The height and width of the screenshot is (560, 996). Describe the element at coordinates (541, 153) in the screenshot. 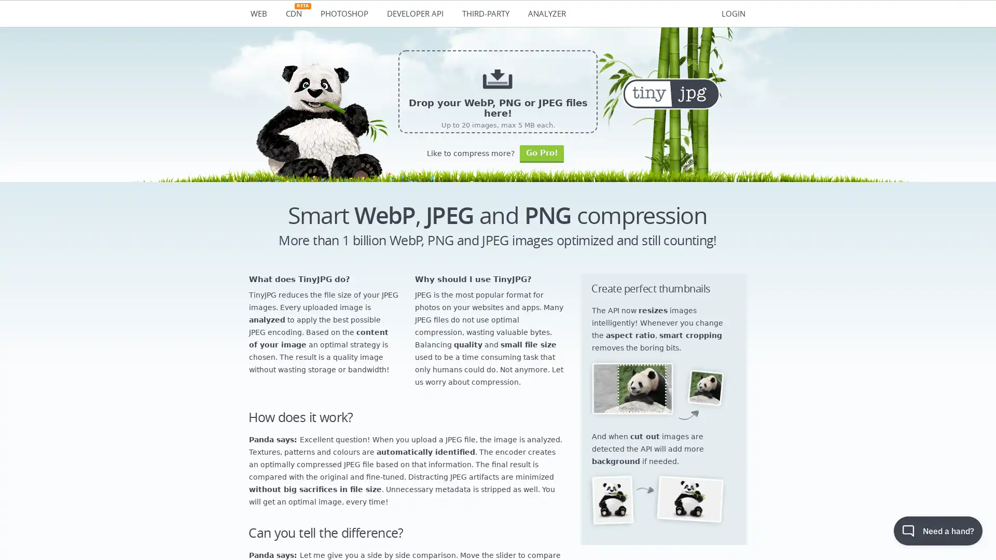

I see `Go Pro!` at that location.